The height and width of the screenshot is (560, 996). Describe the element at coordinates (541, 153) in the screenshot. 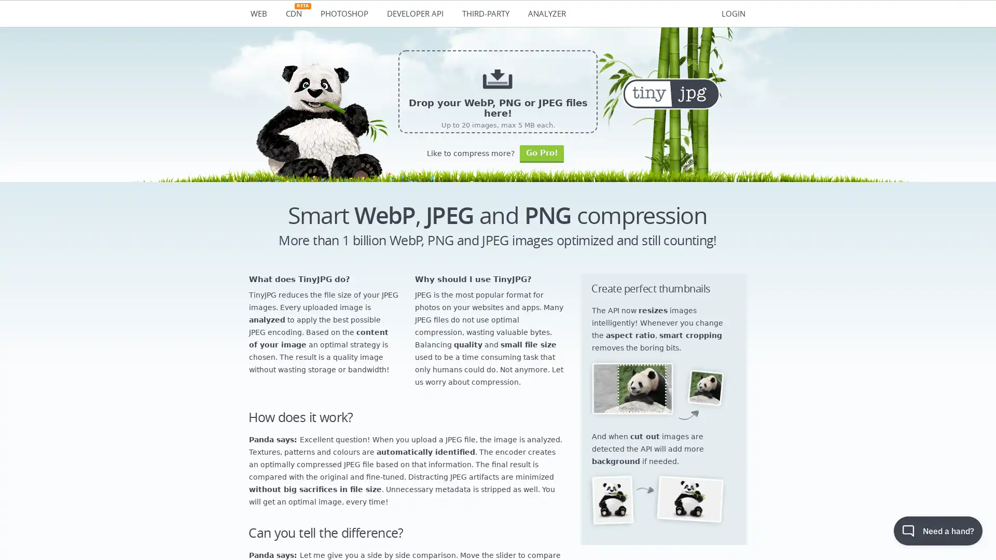

I see `Go Pro!` at that location.